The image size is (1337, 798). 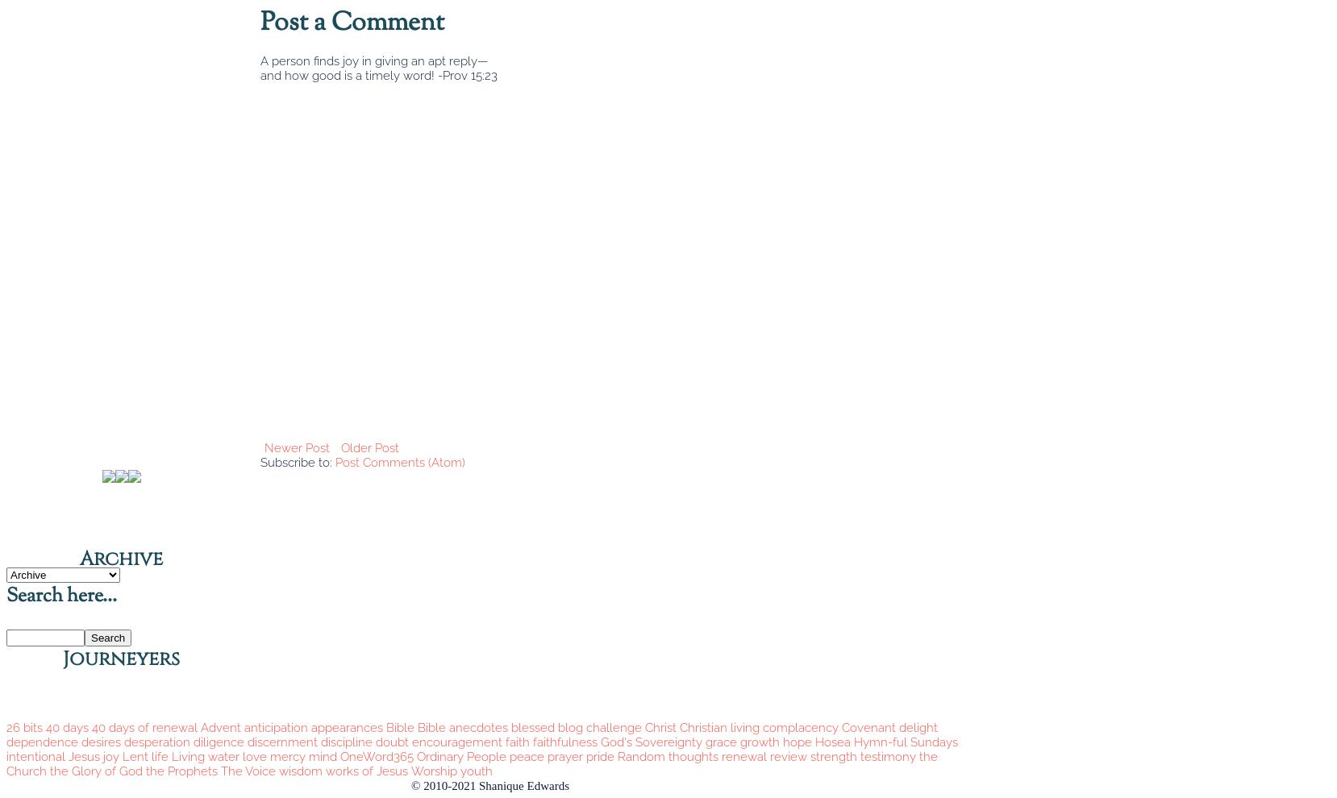 What do you see at coordinates (374, 61) in the screenshot?
I see `'A person finds joy in giving an apt reply—'` at bounding box center [374, 61].